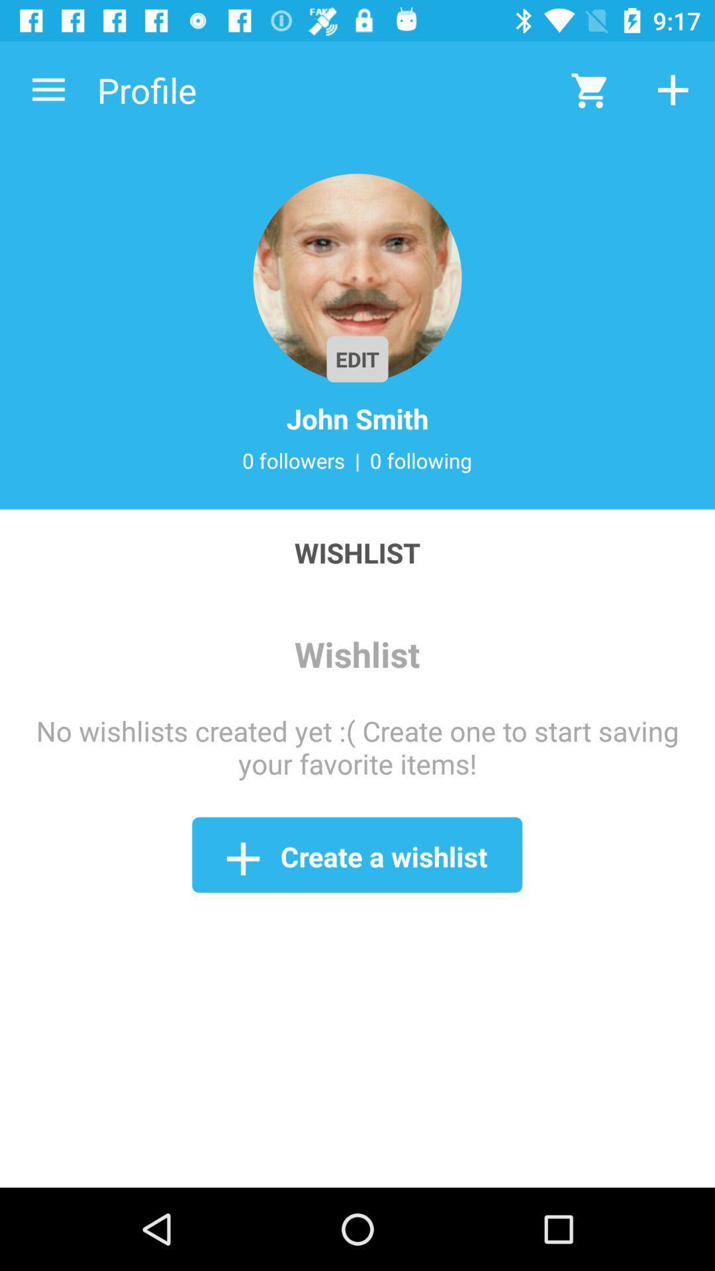 Image resolution: width=715 pixels, height=1271 pixels. What do you see at coordinates (293, 460) in the screenshot?
I see `the item to the left of the   |   item` at bounding box center [293, 460].